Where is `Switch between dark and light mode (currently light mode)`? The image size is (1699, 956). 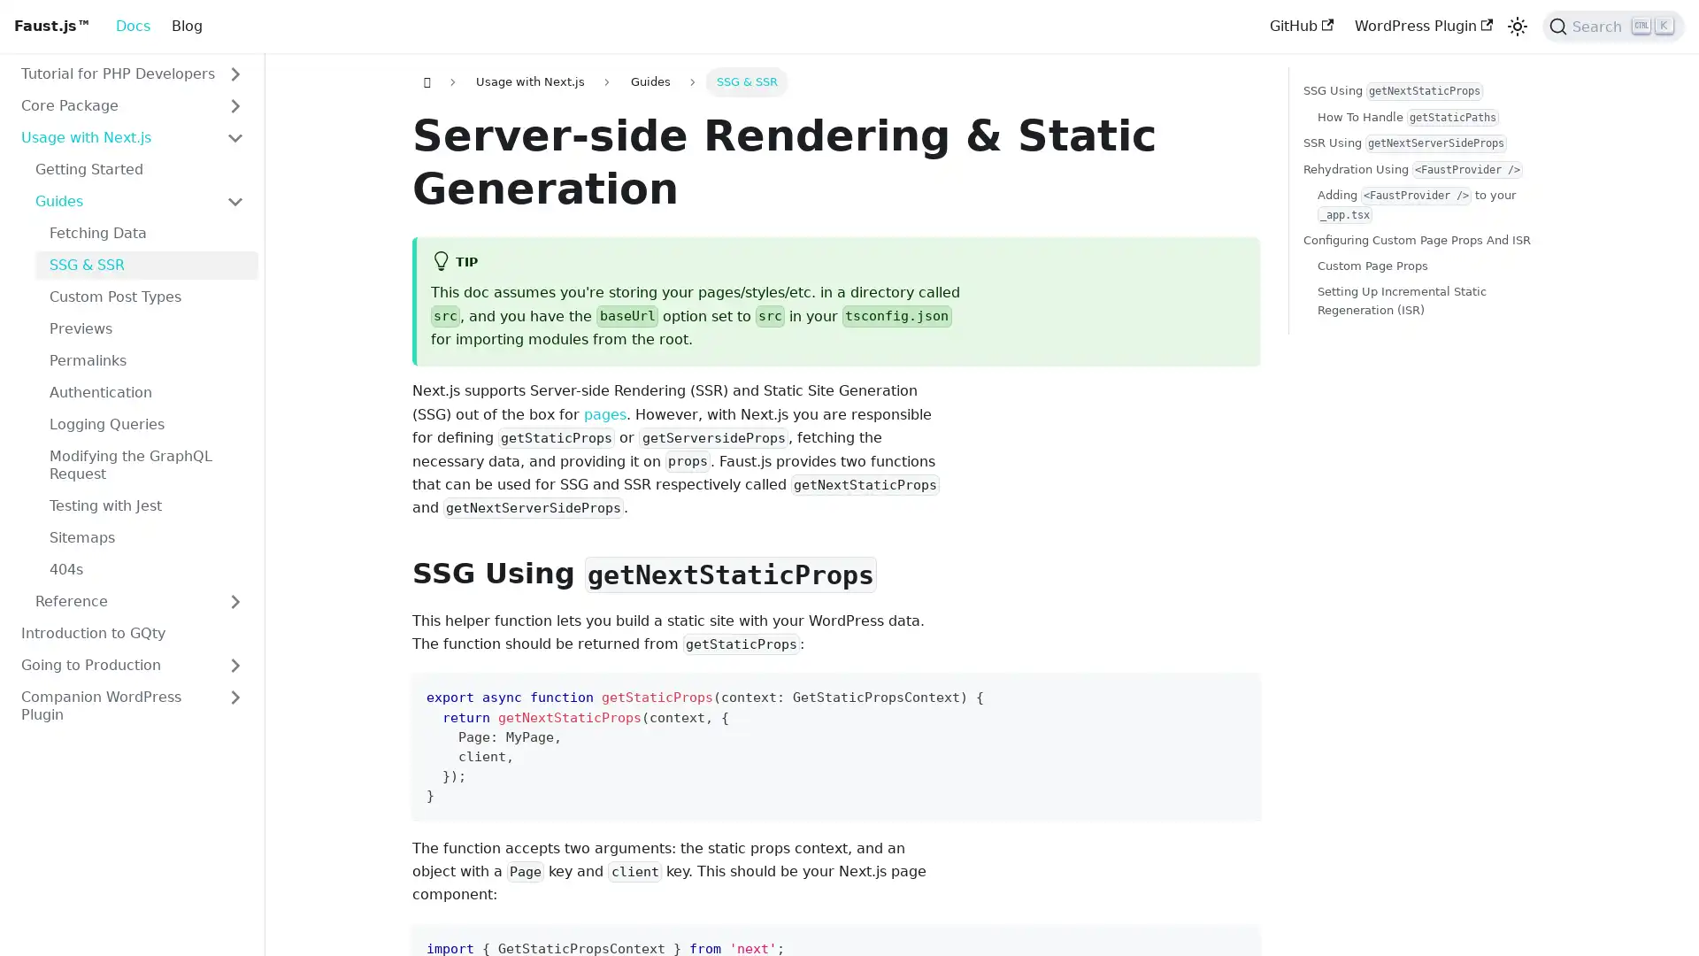 Switch between dark and light mode (currently light mode) is located at coordinates (1516, 27).